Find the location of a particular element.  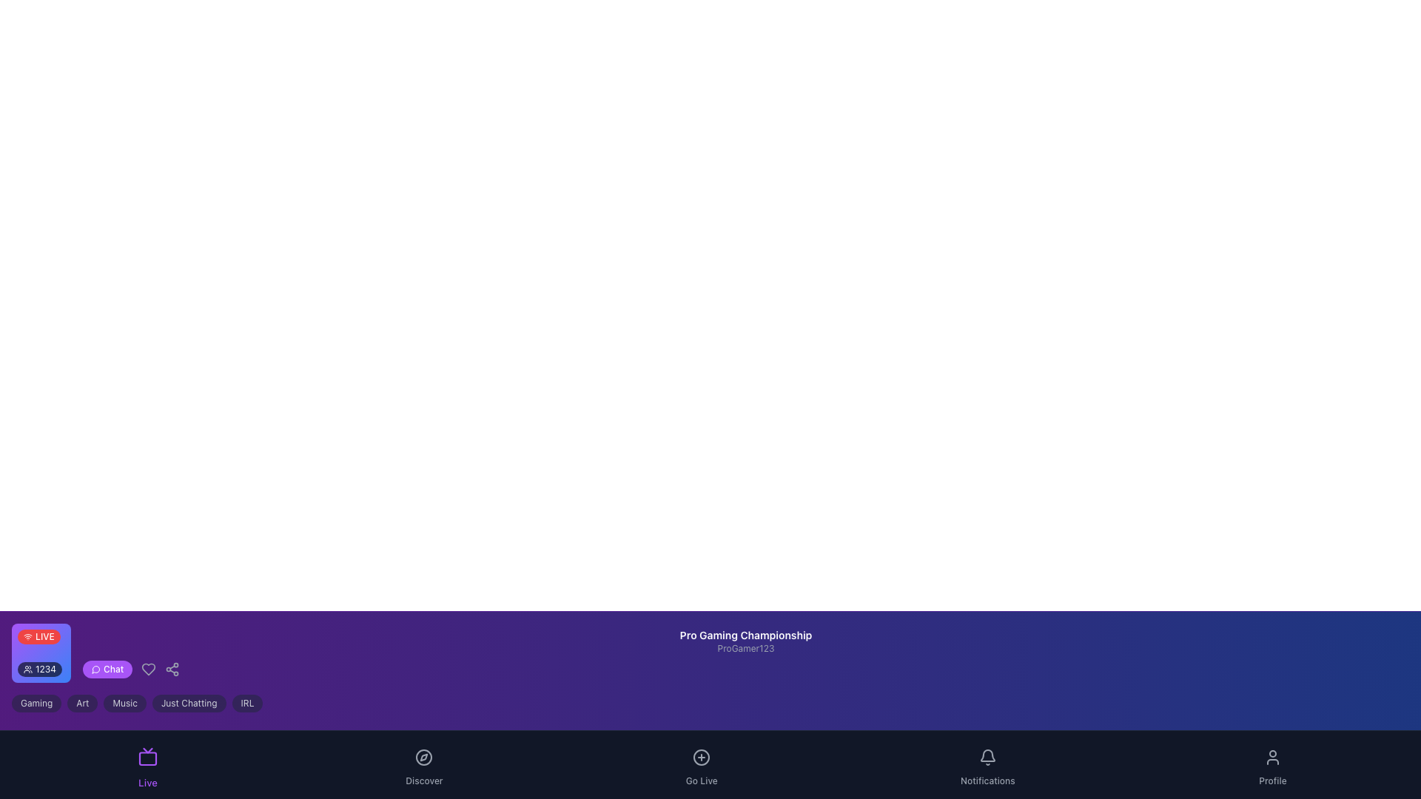

the bell-shaped notification icon located in the bottom navigation bar, positioned between the 'Go Live' icon and the 'Profile' icon is located at coordinates (987, 755).